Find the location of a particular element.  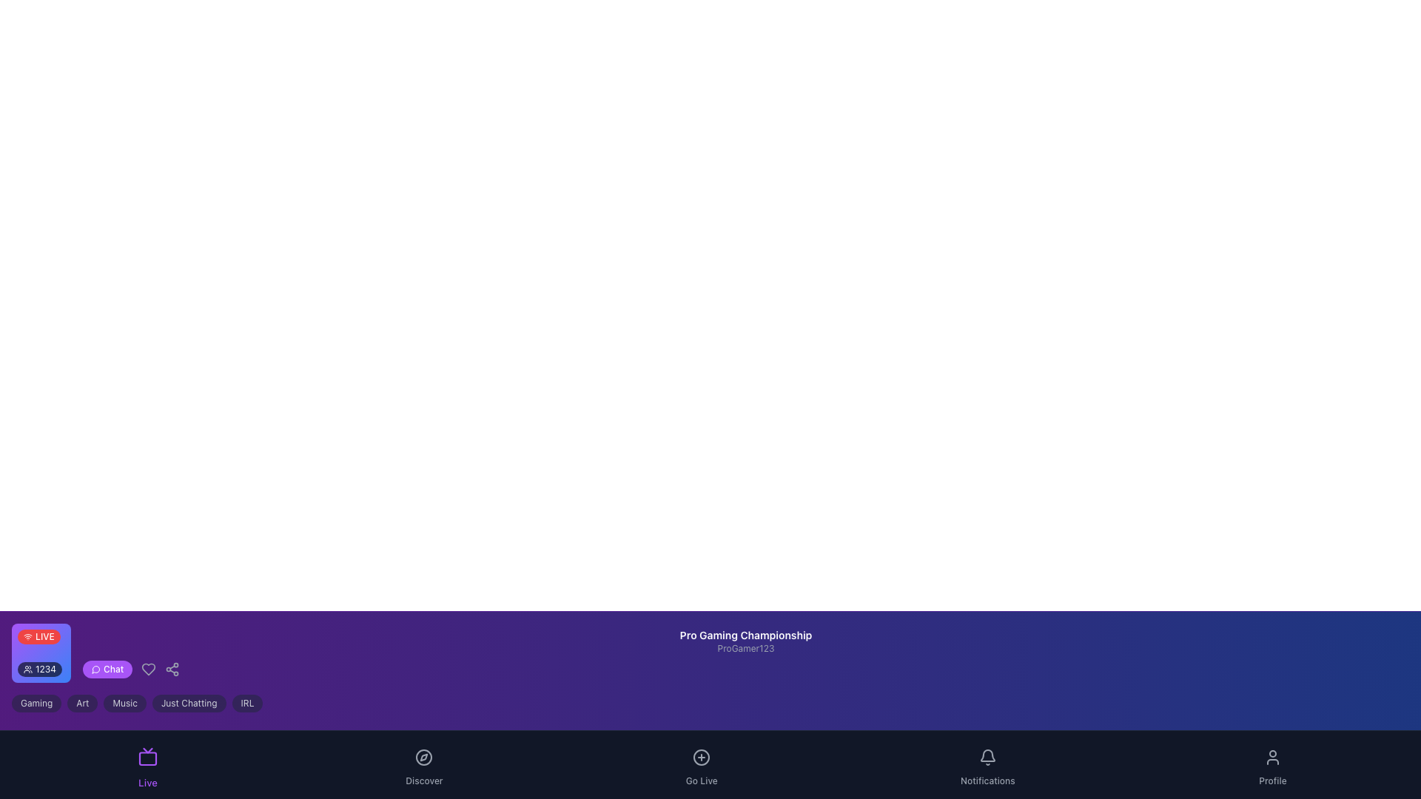

the bell-shaped notification icon located in the bottom navigation bar, positioned between the 'Go Live' icon and the 'Profile' icon is located at coordinates (987, 755).